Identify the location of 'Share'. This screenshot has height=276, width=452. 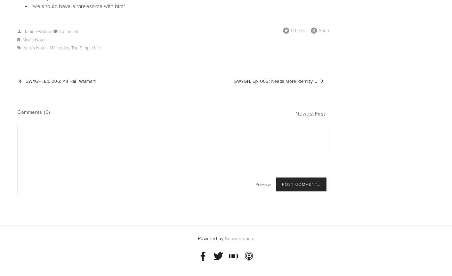
(324, 30).